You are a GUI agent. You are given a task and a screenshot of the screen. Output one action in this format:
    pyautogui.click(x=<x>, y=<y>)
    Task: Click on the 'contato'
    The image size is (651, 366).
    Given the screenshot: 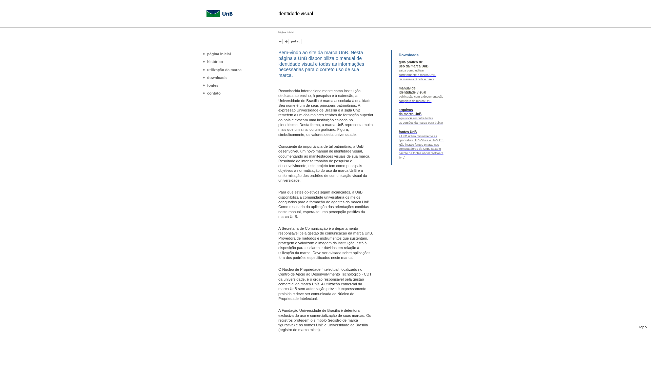 What is the action you would take?
    pyautogui.click(x=213, y=93)
    